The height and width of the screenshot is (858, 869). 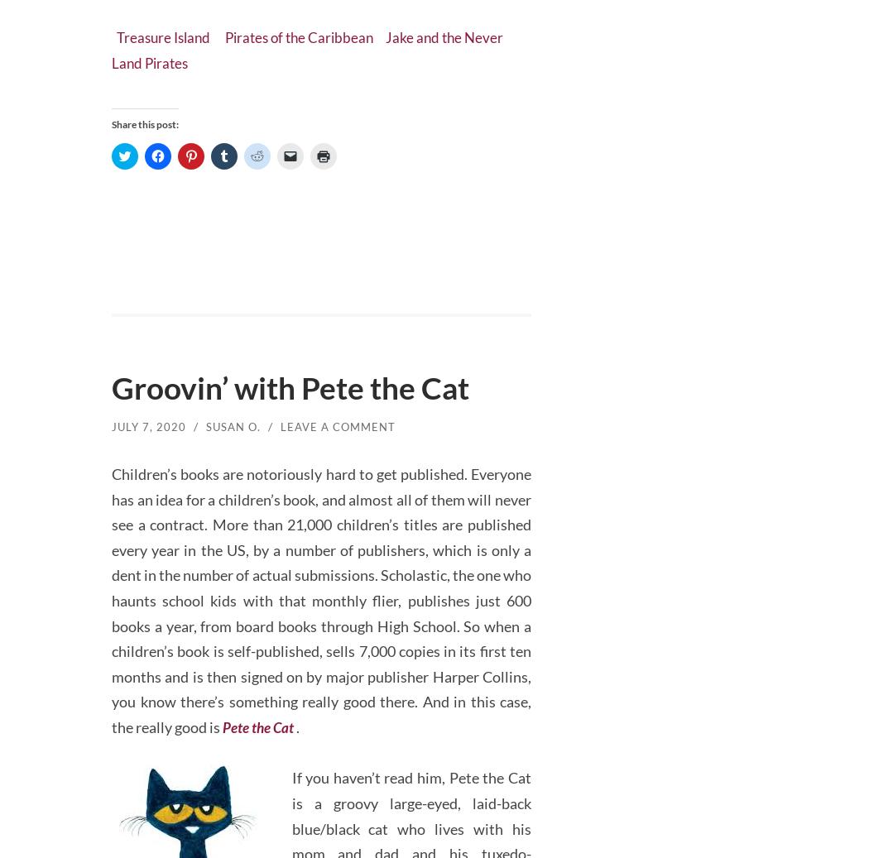 I want to click on 'Children’s books are notoriously hard to get published. Everyone has an idea for a children’s book, and almost all of them will never see a contract. More than 21,000 children’s titles are published every year in the US, by a number of publishers, which is only a dent in the number of actual submissions. Scholastic, the one who haunts school kids with that monthly flier, publishes just 600 books a year, from board books through High School. So when a children’s book is self-published, sells 7,000 copies in its first ten months and is then signed on by major publisher Harper Collins, you know there’s something really good there. And in this case, the really good is', so click(x=321, y=592).